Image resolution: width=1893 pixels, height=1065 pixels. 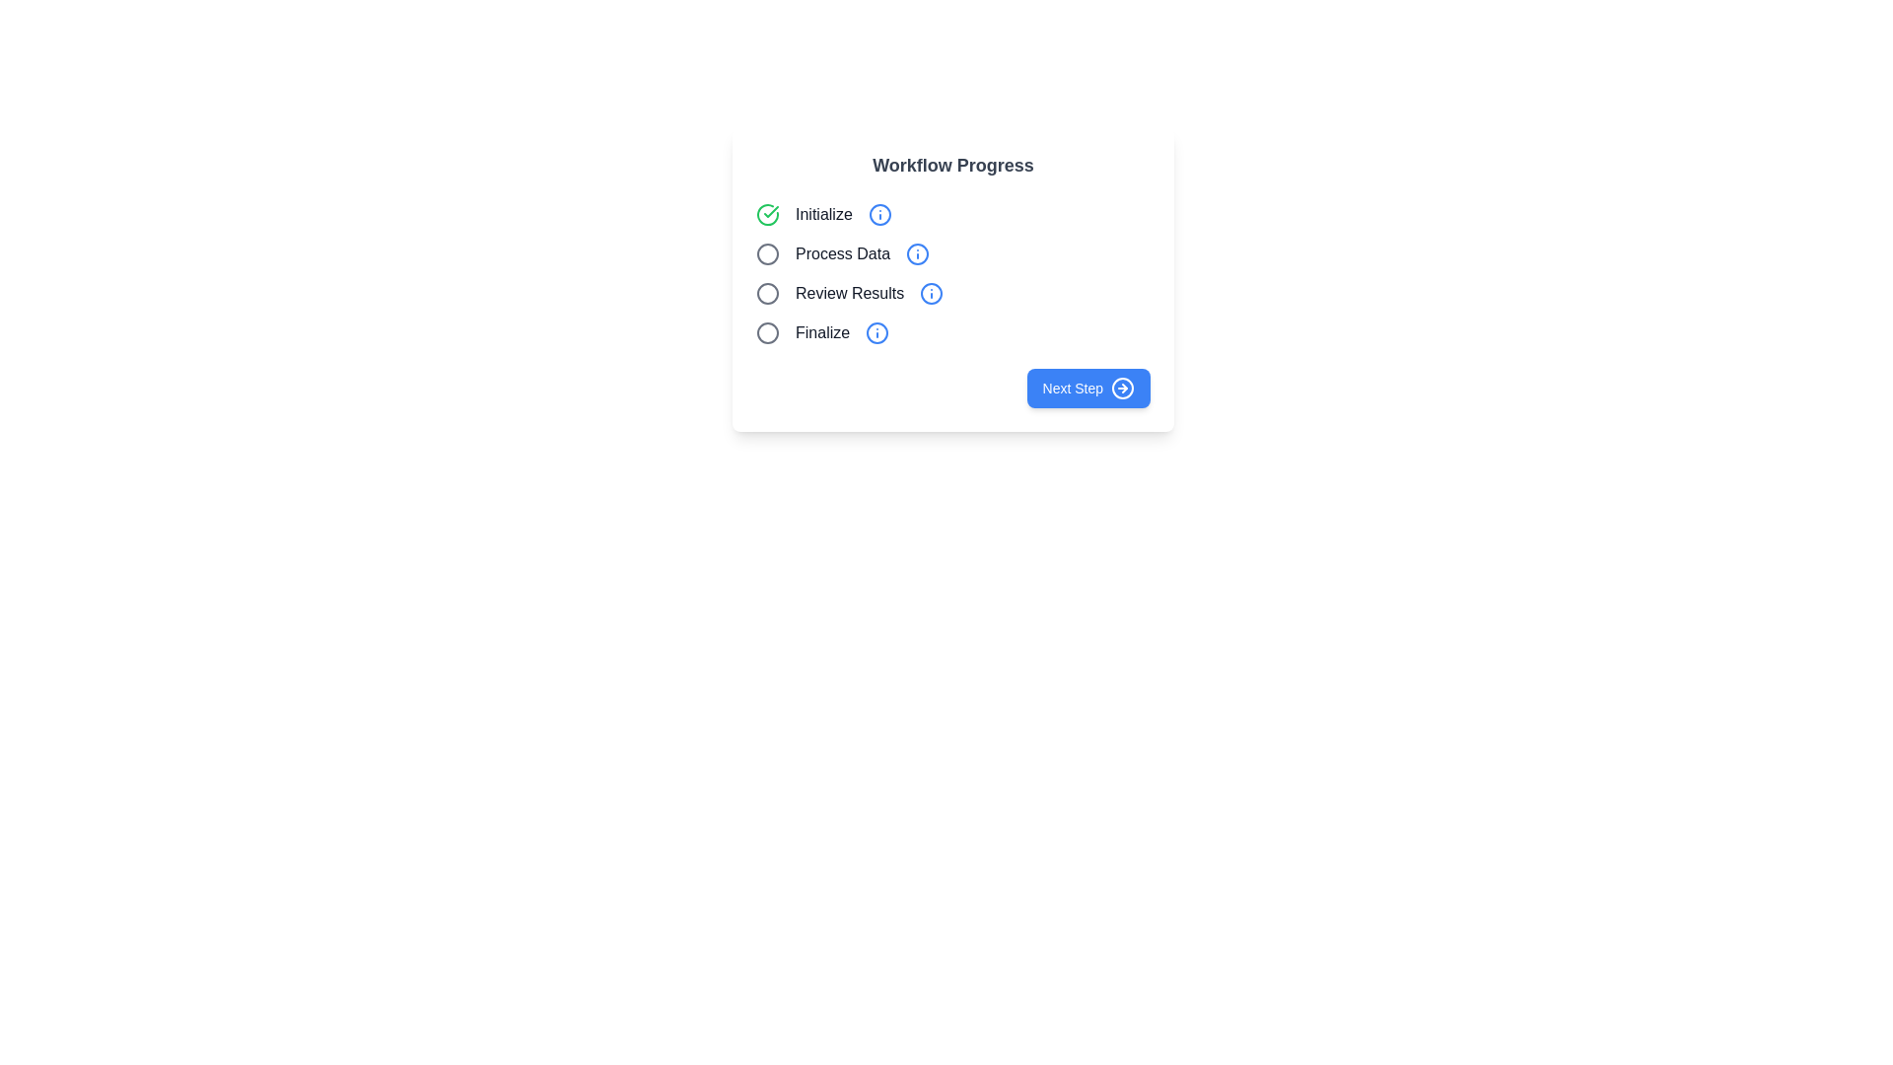 What do you see at coordinates (878, 215) in the screenshot?
I see `the blue circular icon with a white inner area resembling an 'info' symbol, located to the right of the 'Initialize' text label` at bounding box center [878, 215].